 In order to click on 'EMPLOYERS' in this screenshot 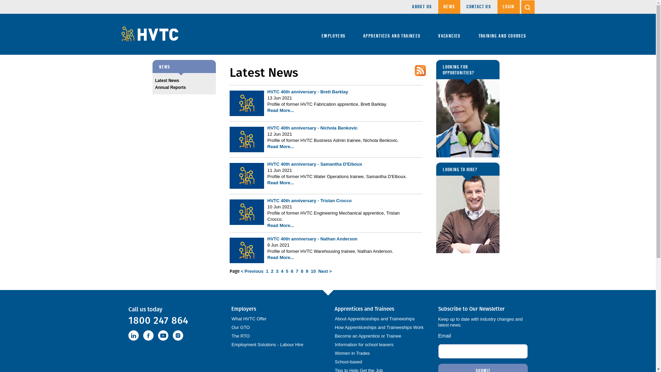, I will do `click(334, 34)`.